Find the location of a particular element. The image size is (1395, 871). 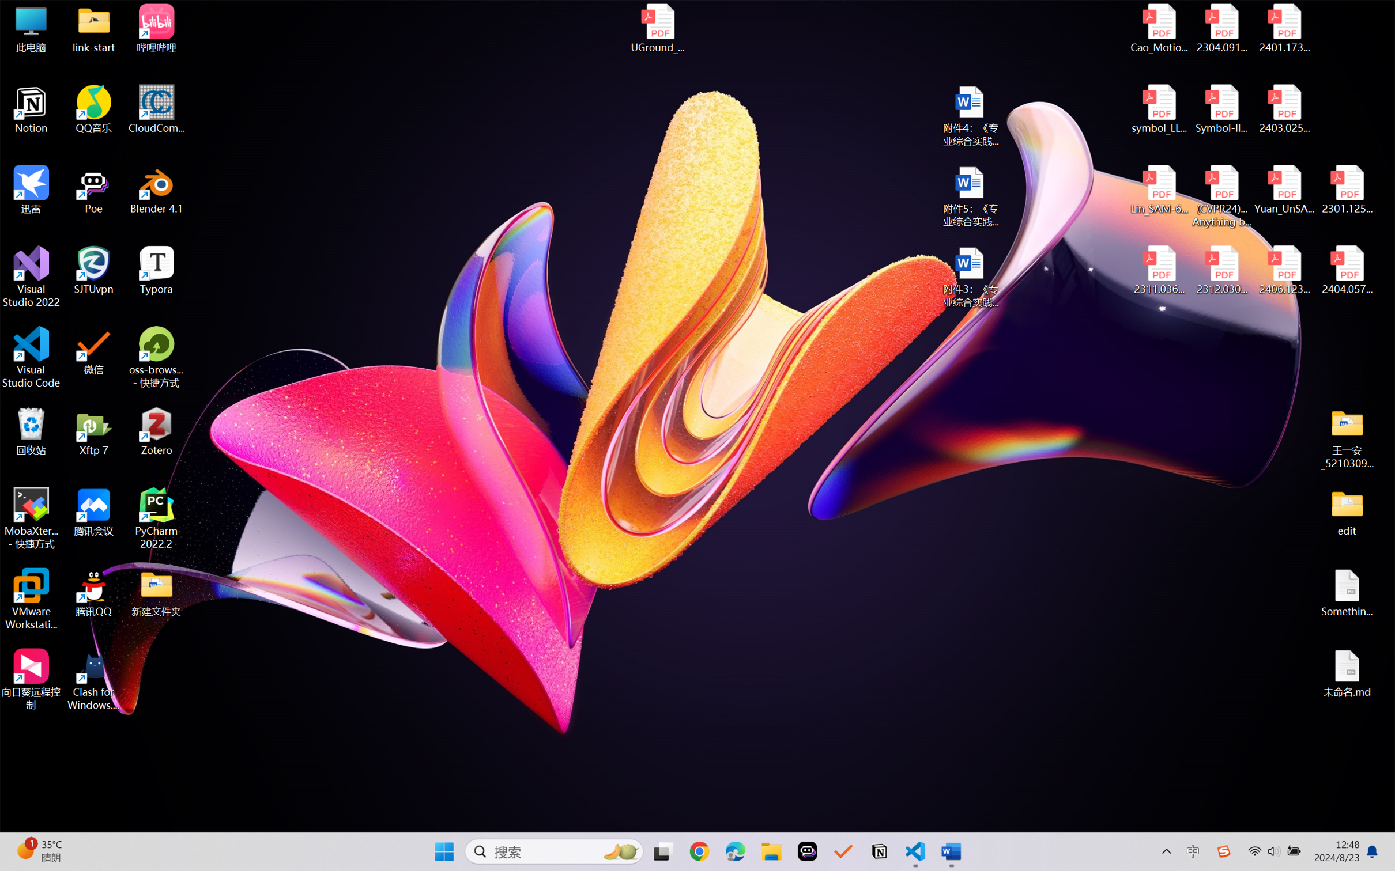

'VMware Workstation Pro' is located at coordinates (31, 599).